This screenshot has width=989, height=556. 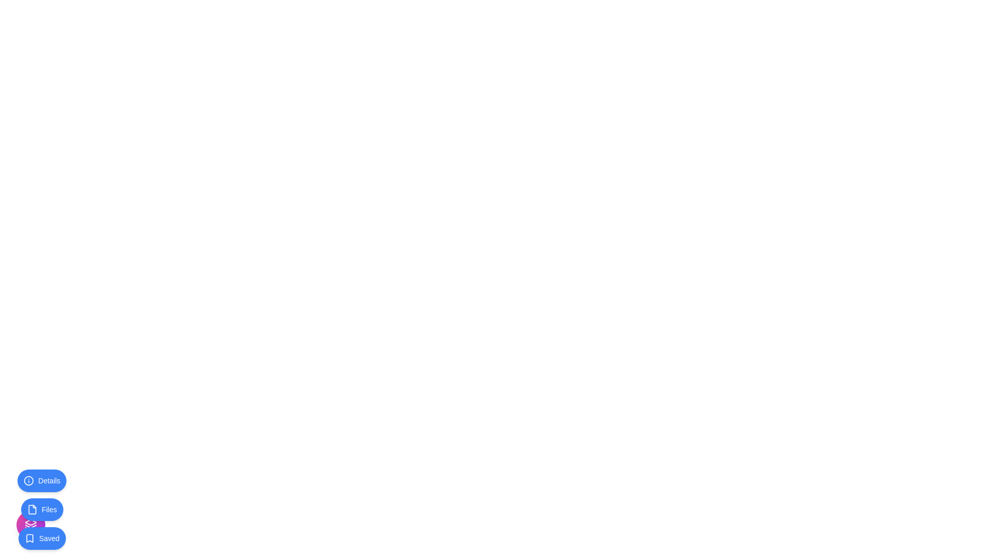 What do you see at coordinates (30, 526) in the screenshot?
I see `the circular button surrounding the middle segment of the layered structure icon` at bounding box center [30, 526].